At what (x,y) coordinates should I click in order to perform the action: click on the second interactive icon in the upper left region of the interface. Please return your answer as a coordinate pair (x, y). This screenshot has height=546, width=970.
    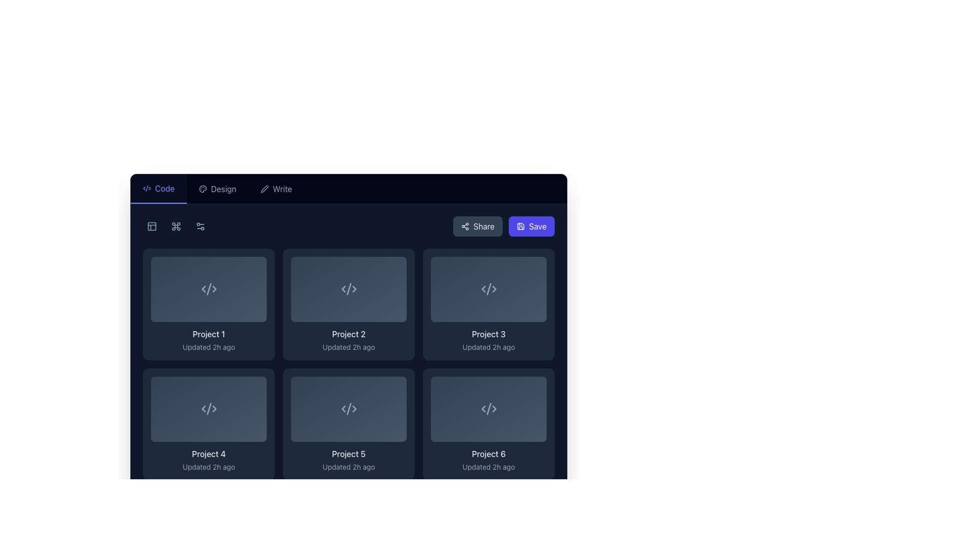
    Looking at the image, I should click on (176, 225).